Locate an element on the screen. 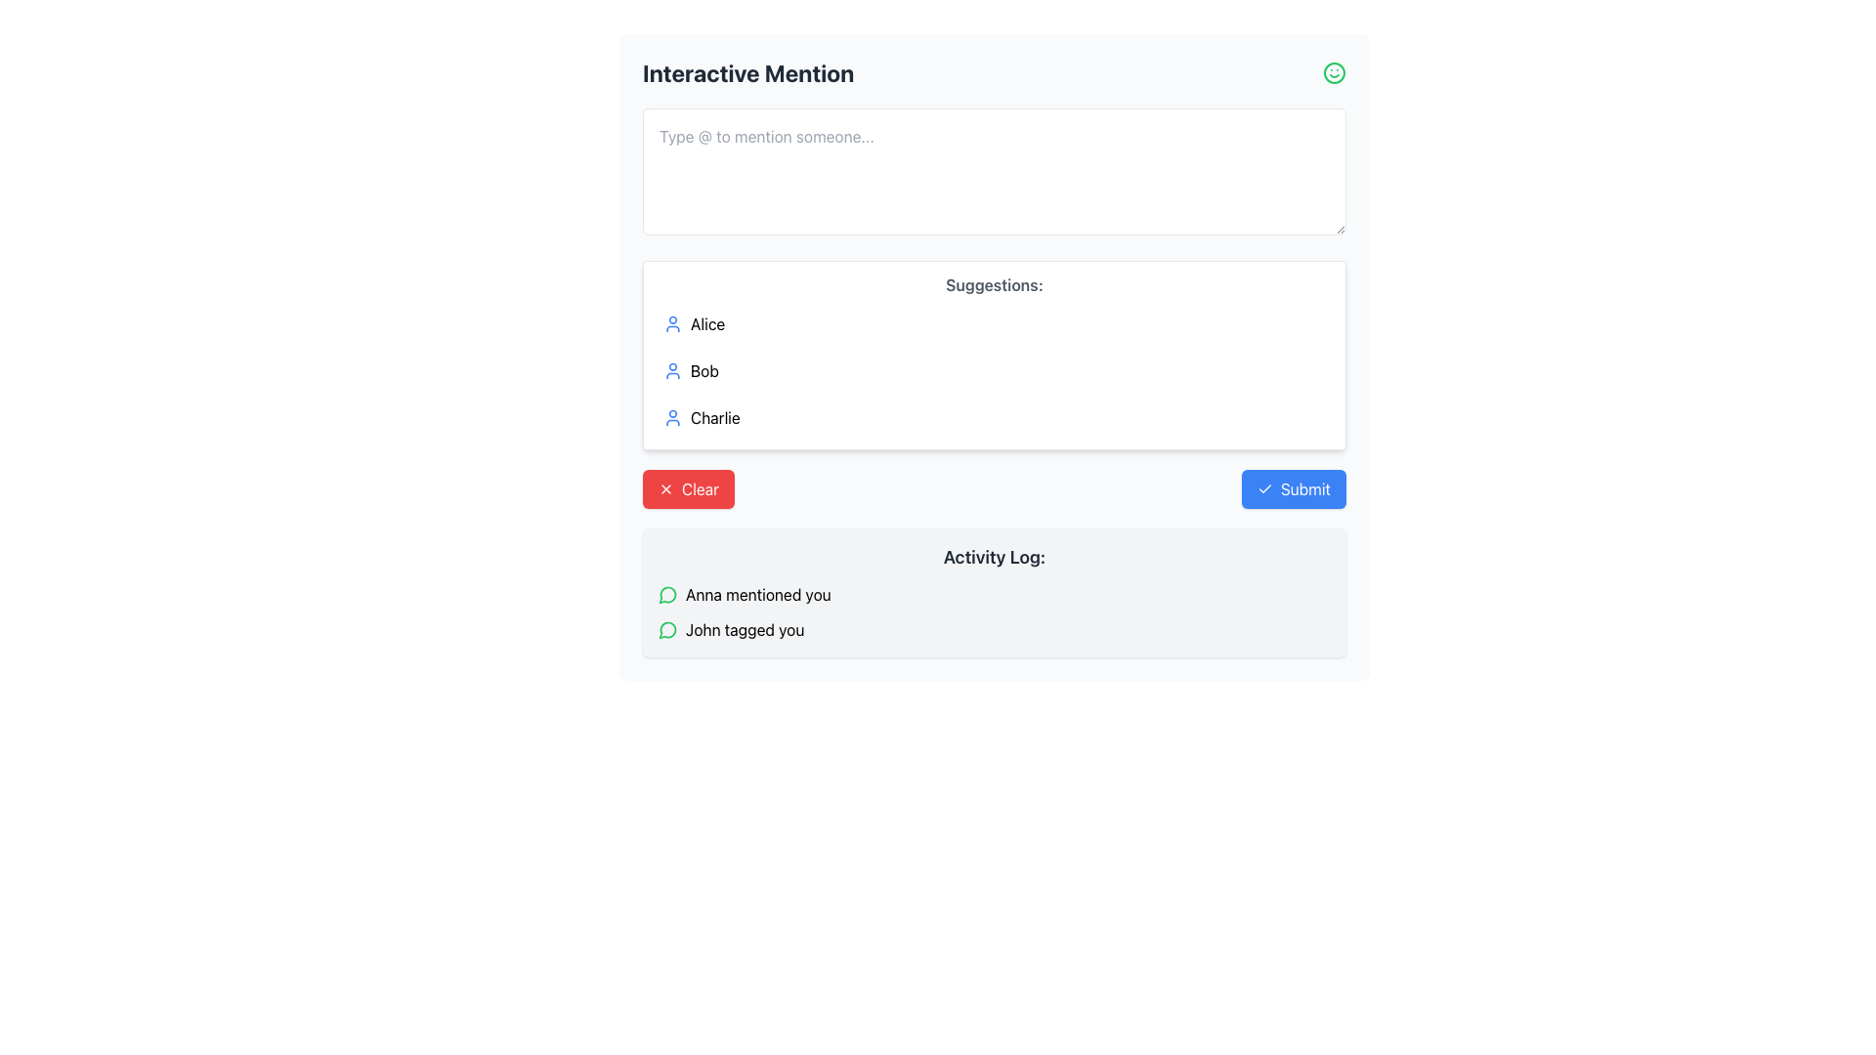 The height and width of the screenshot is (1055, 1876). the green speech bubble icon located to the left of the text 'Anna mentioned you' in the 'Activity Log' section is located at coordinates (668, 594).